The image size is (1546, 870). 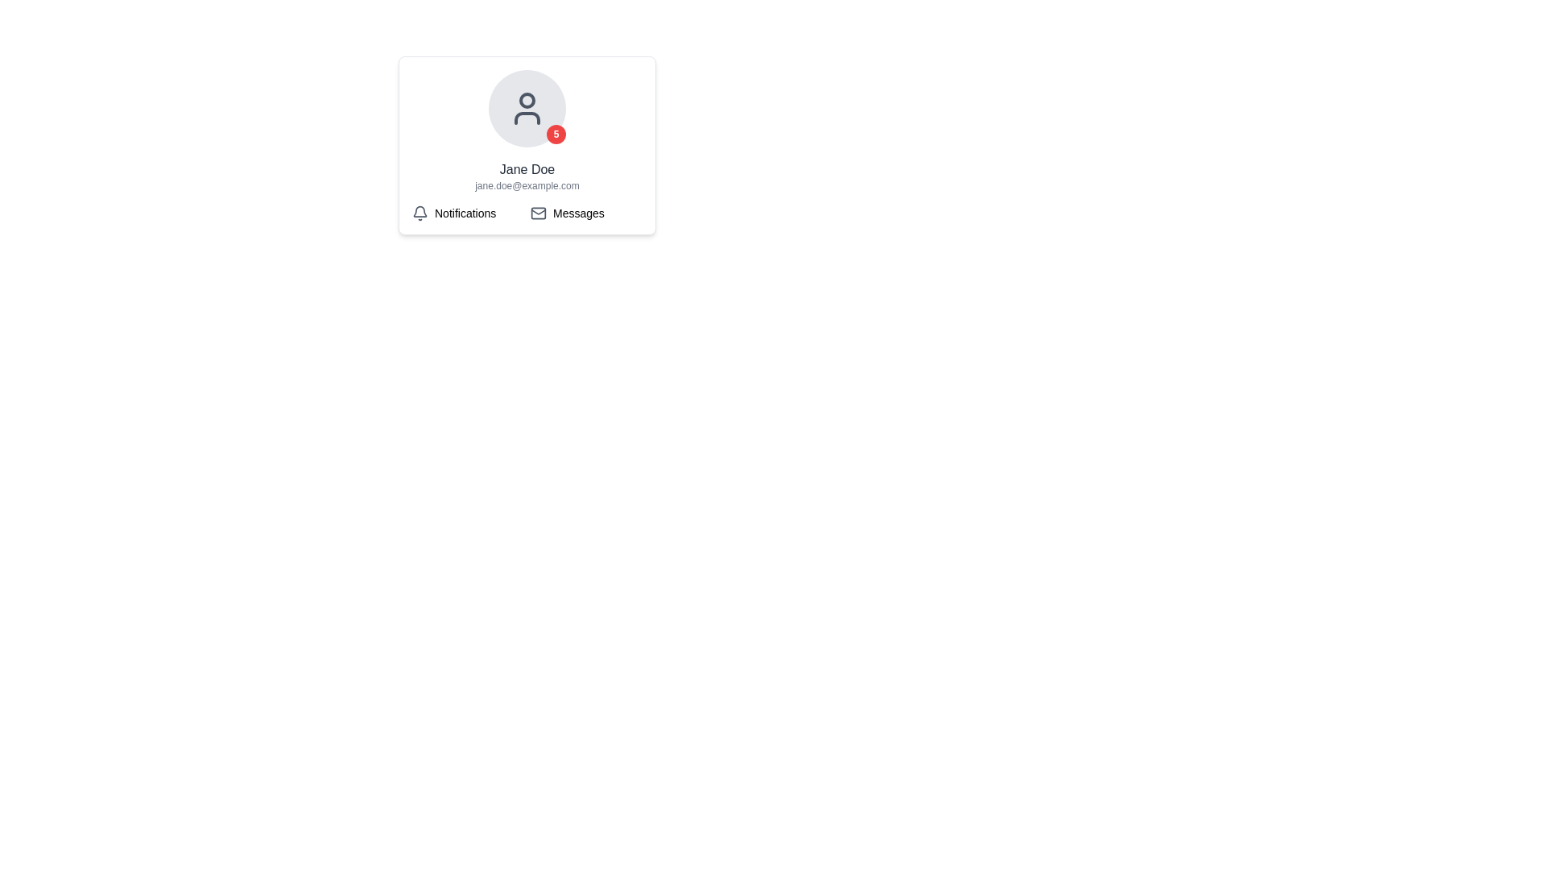 What do you see at coordinates (420, 213) in the screenshot?
I see `the notification icon, which is the first visual component in the 'Notifications' grouping located to the left of the text 'Notifications'` at bounding box center [420, 213].